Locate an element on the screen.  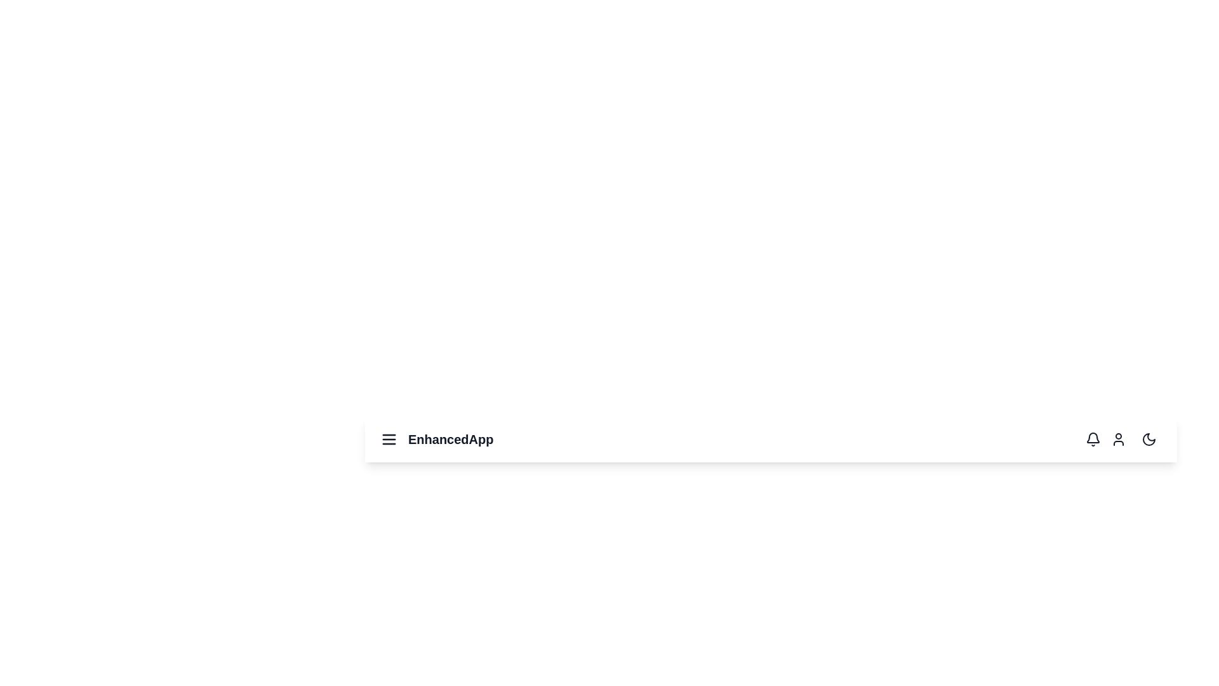
the user icon to access the user profile is located at coordinates (1118, 438).